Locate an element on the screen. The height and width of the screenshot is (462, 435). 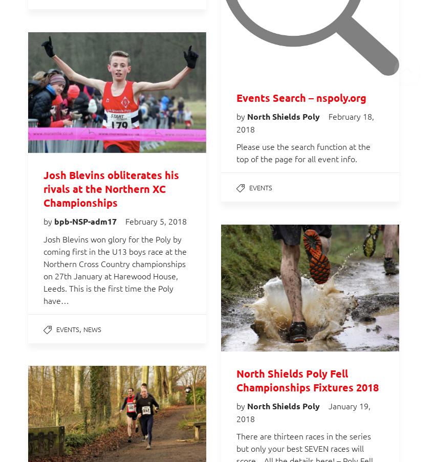
',' is located at coordinates (81, 328).